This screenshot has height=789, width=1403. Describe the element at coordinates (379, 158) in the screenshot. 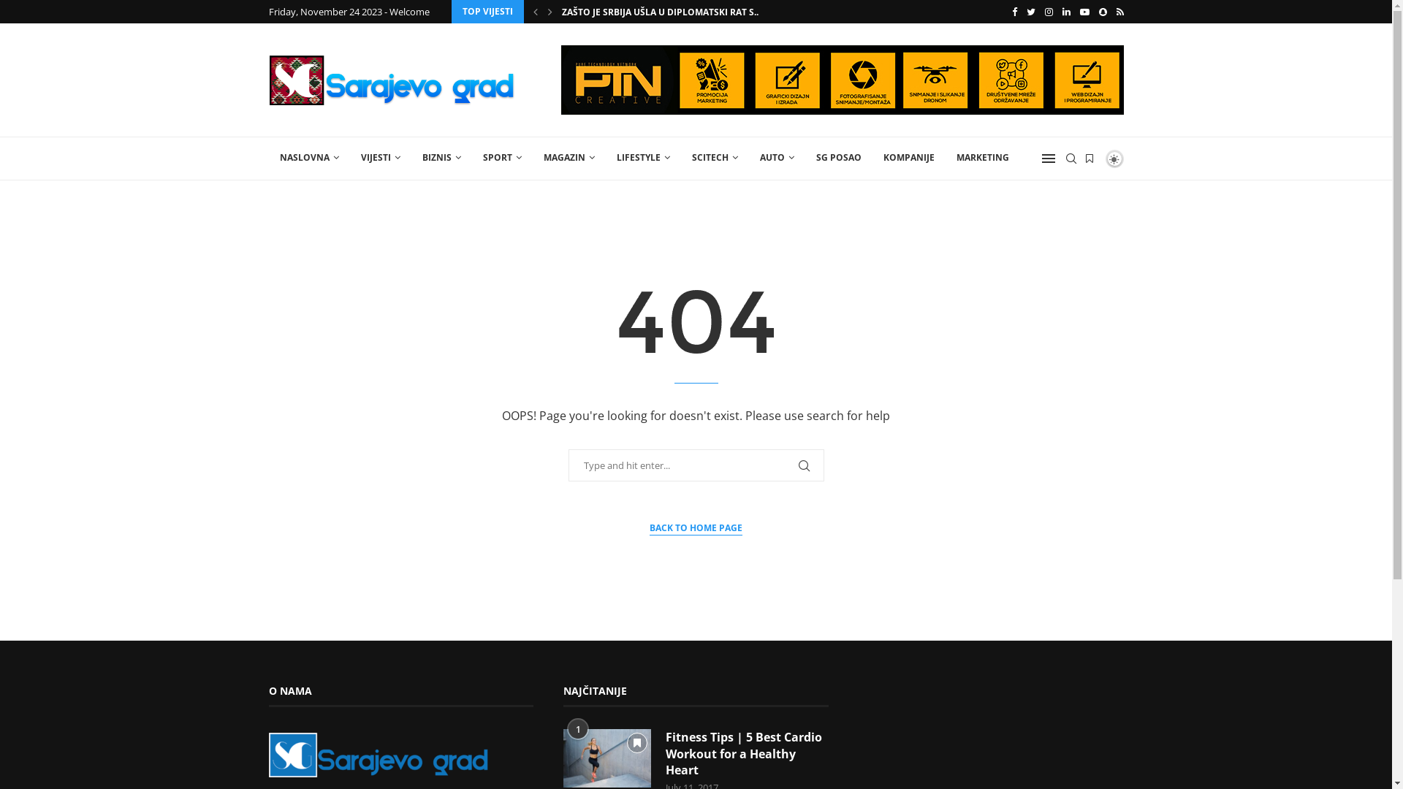

I see `'VIJESTI'` at that location.